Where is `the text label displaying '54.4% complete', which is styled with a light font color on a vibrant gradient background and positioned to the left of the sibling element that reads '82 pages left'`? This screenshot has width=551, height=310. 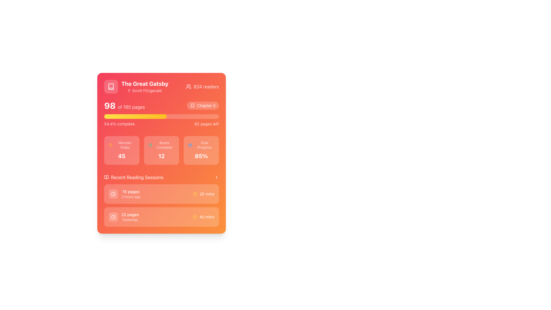
the text label displaying '54.4% complete', which is styled with a light font color on a vibrant gradient background and positioned to the left of the sibling element that reads '82 pages left' is located at coordinates (119, 124).